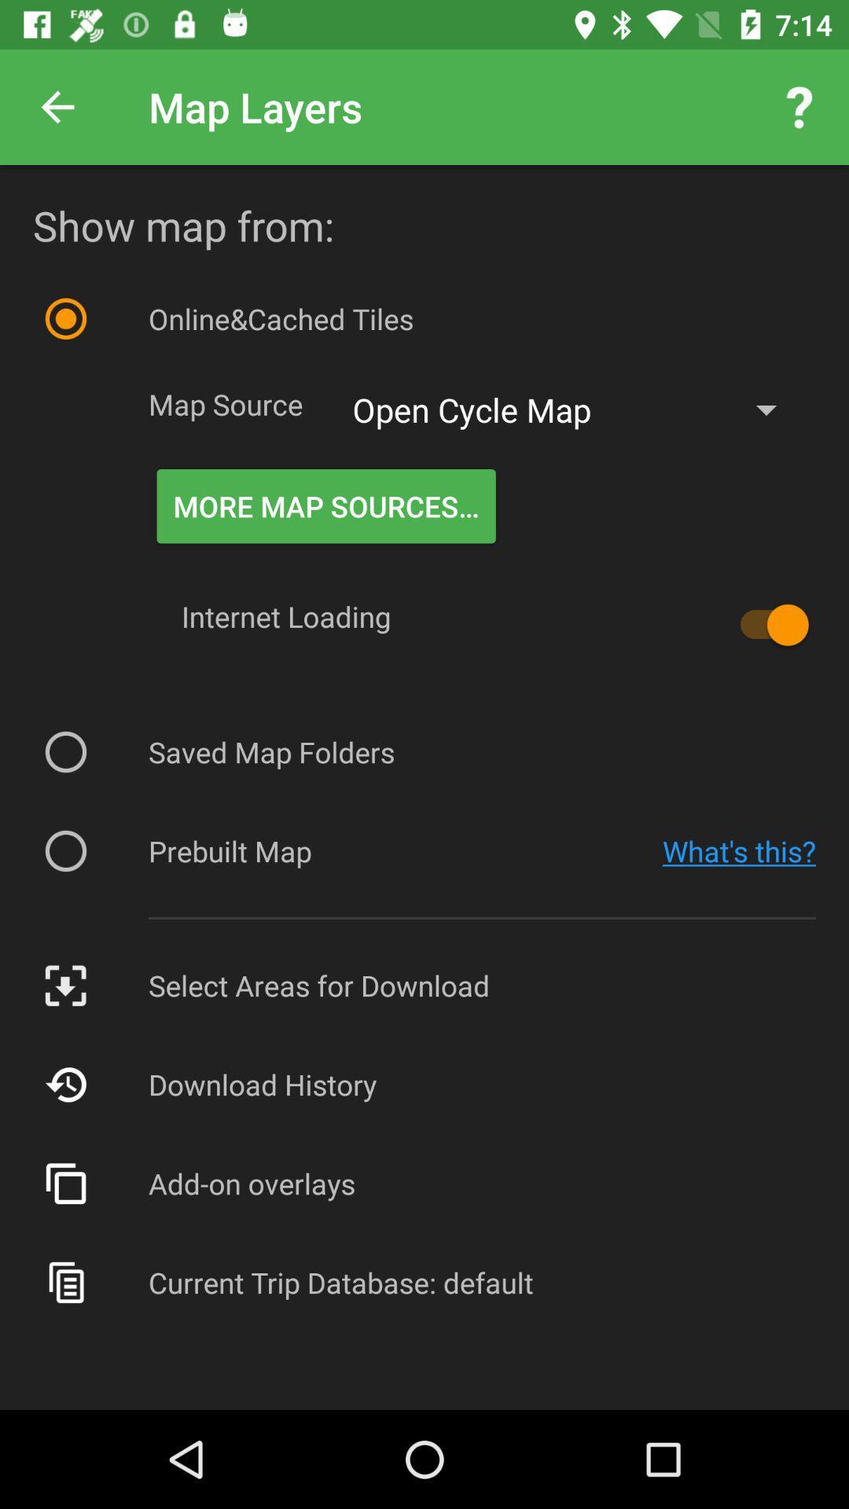 Image resolution: width=849 pixels, height=1509 pixels. Describe the element at coordinates (766, 624) in the screenshot. I see `internet loading` at that location.